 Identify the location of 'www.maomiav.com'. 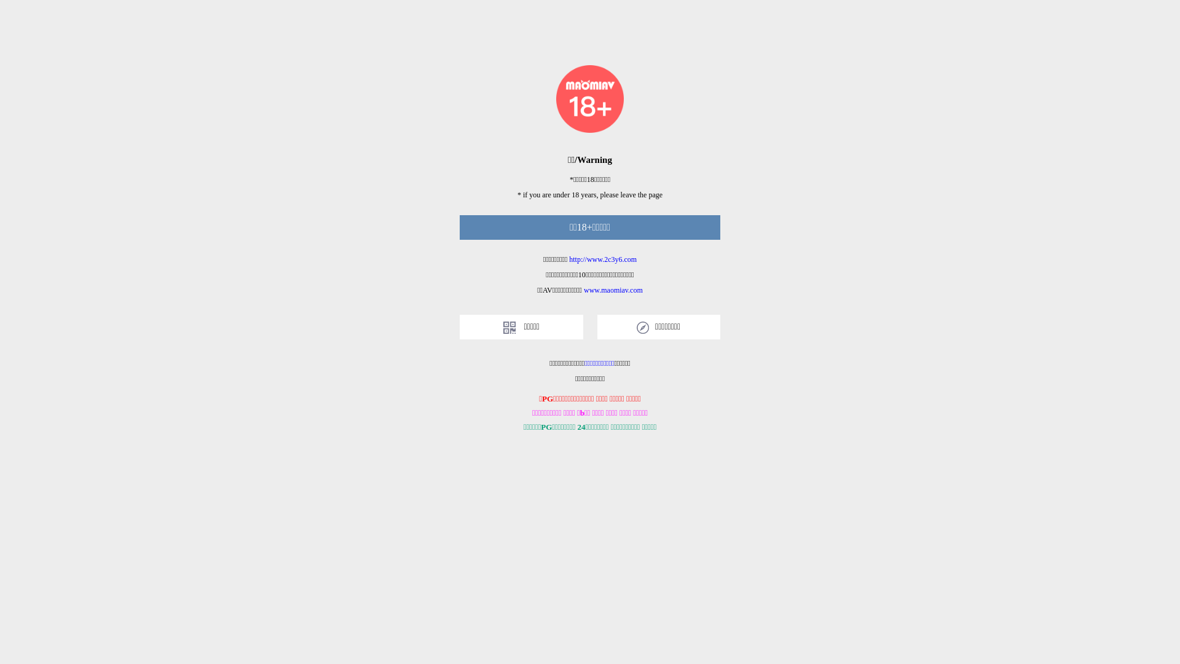
(583, 290).